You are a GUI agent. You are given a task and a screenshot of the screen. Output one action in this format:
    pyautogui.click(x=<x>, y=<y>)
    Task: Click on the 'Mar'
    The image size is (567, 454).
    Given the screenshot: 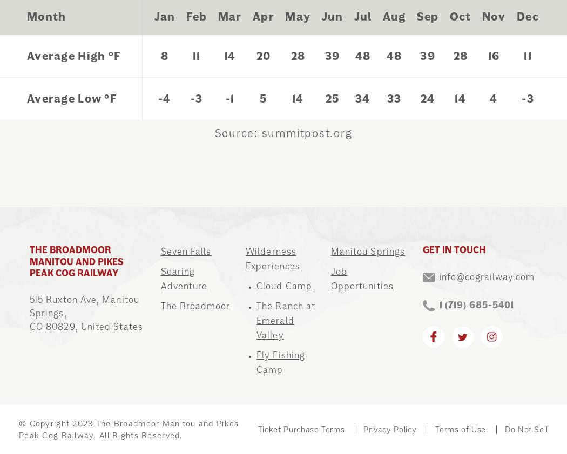 What is the action you would take?
    pyautogui.click(x=229, y=16)
    